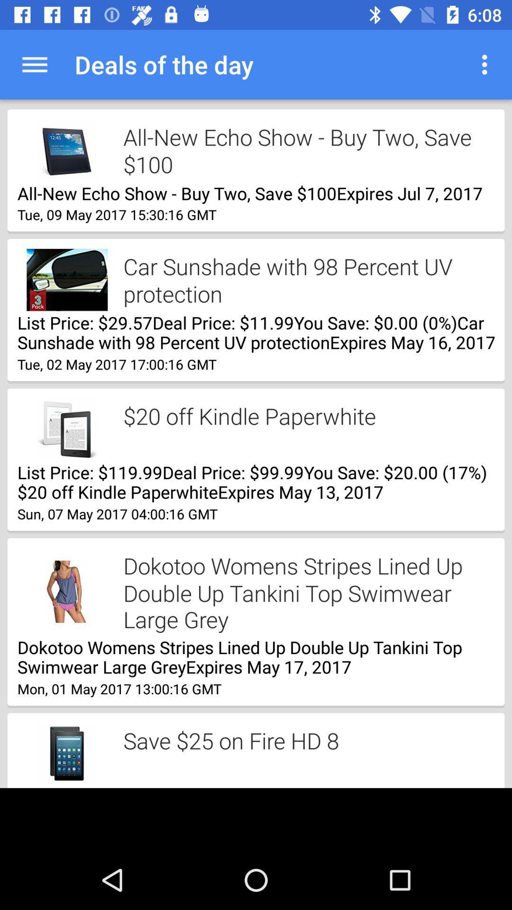  What do you see at coordinates (487, 64) in the screenshot?
I see `menu` at bounding box center [487, 64].